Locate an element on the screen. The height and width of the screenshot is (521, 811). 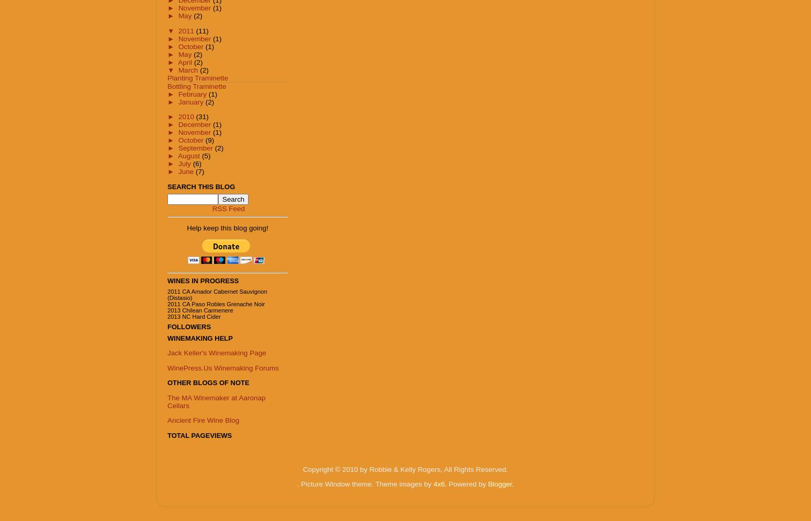
'(31)' is located at coordinates (195, 117).